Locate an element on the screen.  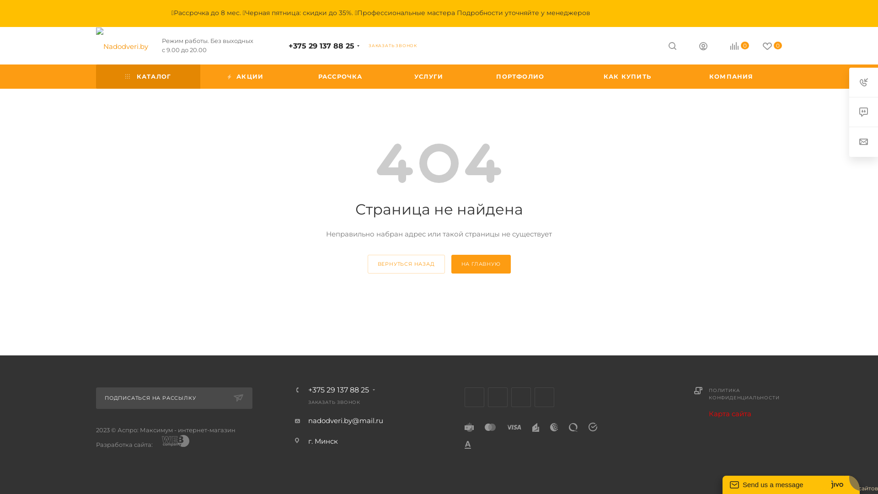
'Qiwi' is located at coordinates (573, 427).